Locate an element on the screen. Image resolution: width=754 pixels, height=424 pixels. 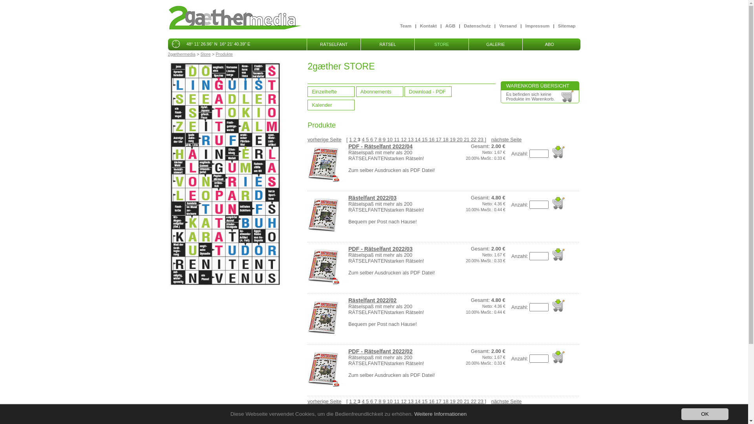
'6' is located at coordinates (372, 401).